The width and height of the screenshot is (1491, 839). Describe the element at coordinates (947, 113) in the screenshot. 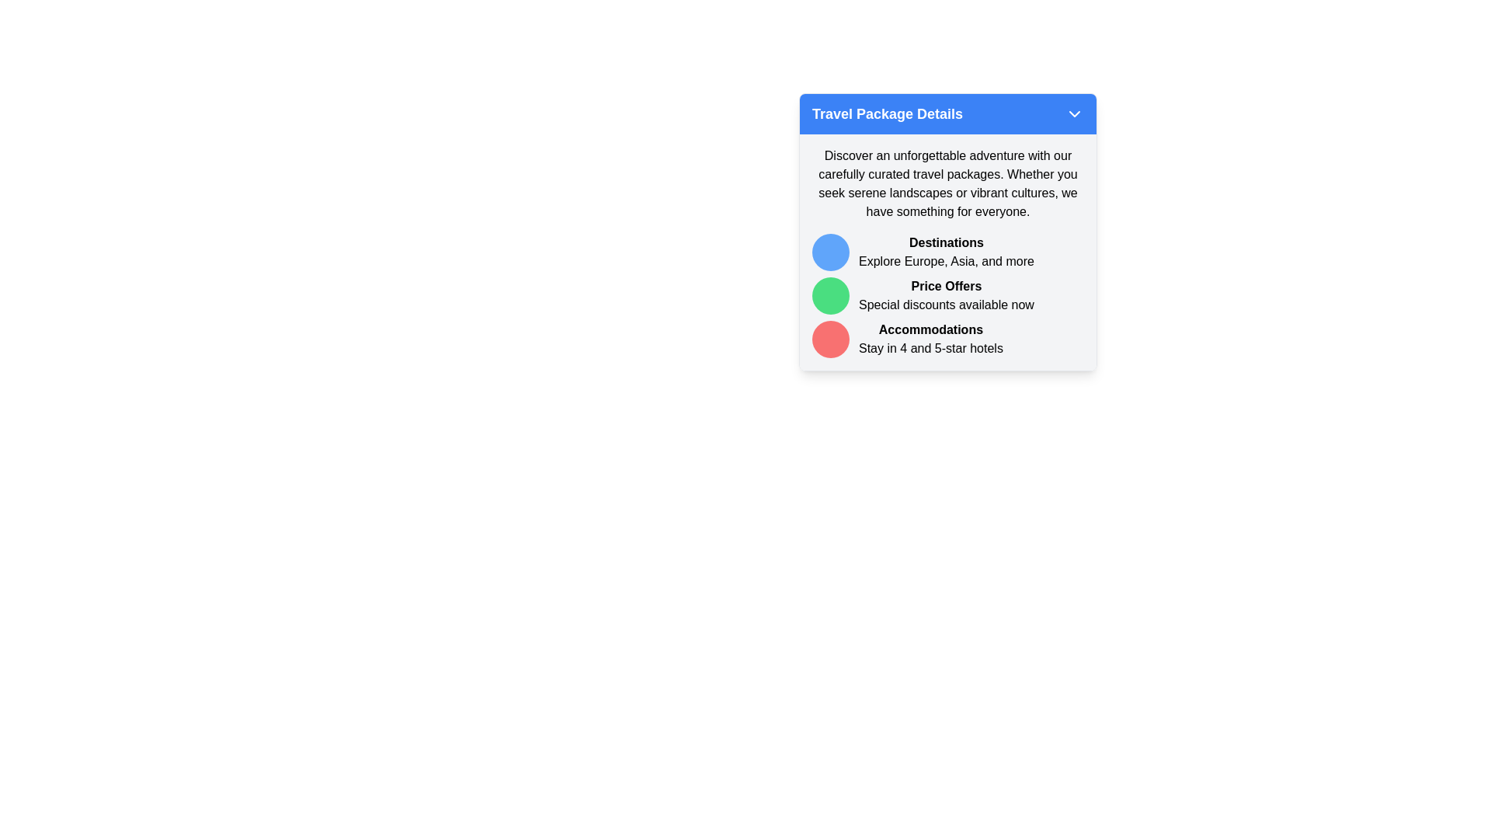

I see `the blue rectangular header labeled 'Travel Package Details'` at that location.